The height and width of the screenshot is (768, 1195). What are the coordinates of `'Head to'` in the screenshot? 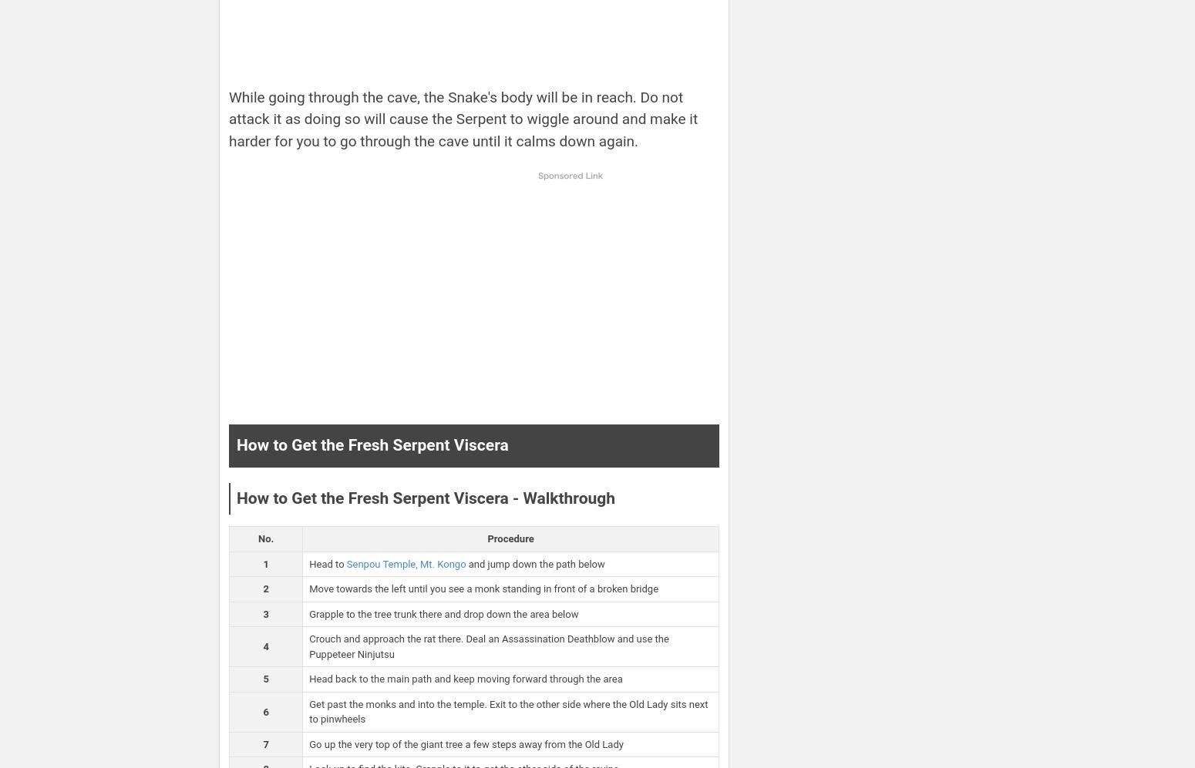 It's located at (328, 563).